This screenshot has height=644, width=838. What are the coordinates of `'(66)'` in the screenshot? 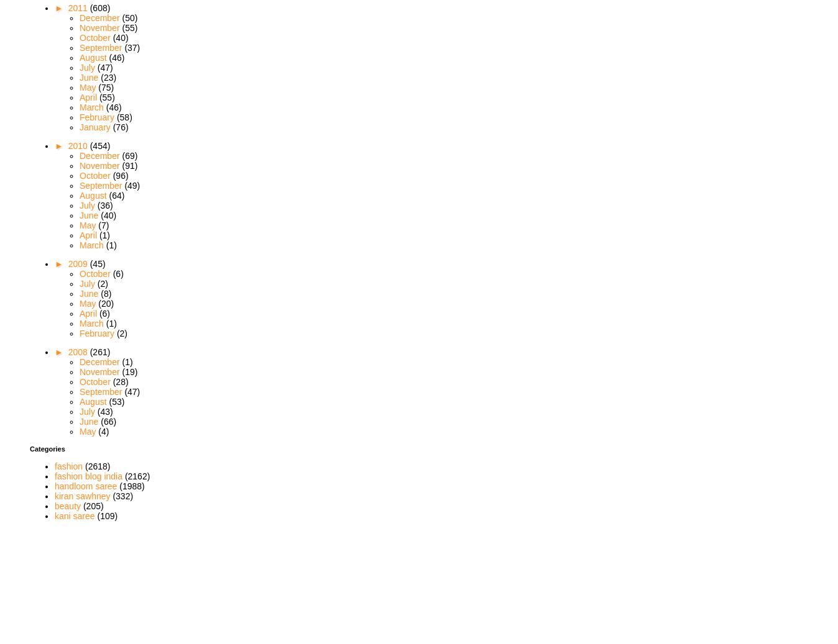 It's located at (108, 420).